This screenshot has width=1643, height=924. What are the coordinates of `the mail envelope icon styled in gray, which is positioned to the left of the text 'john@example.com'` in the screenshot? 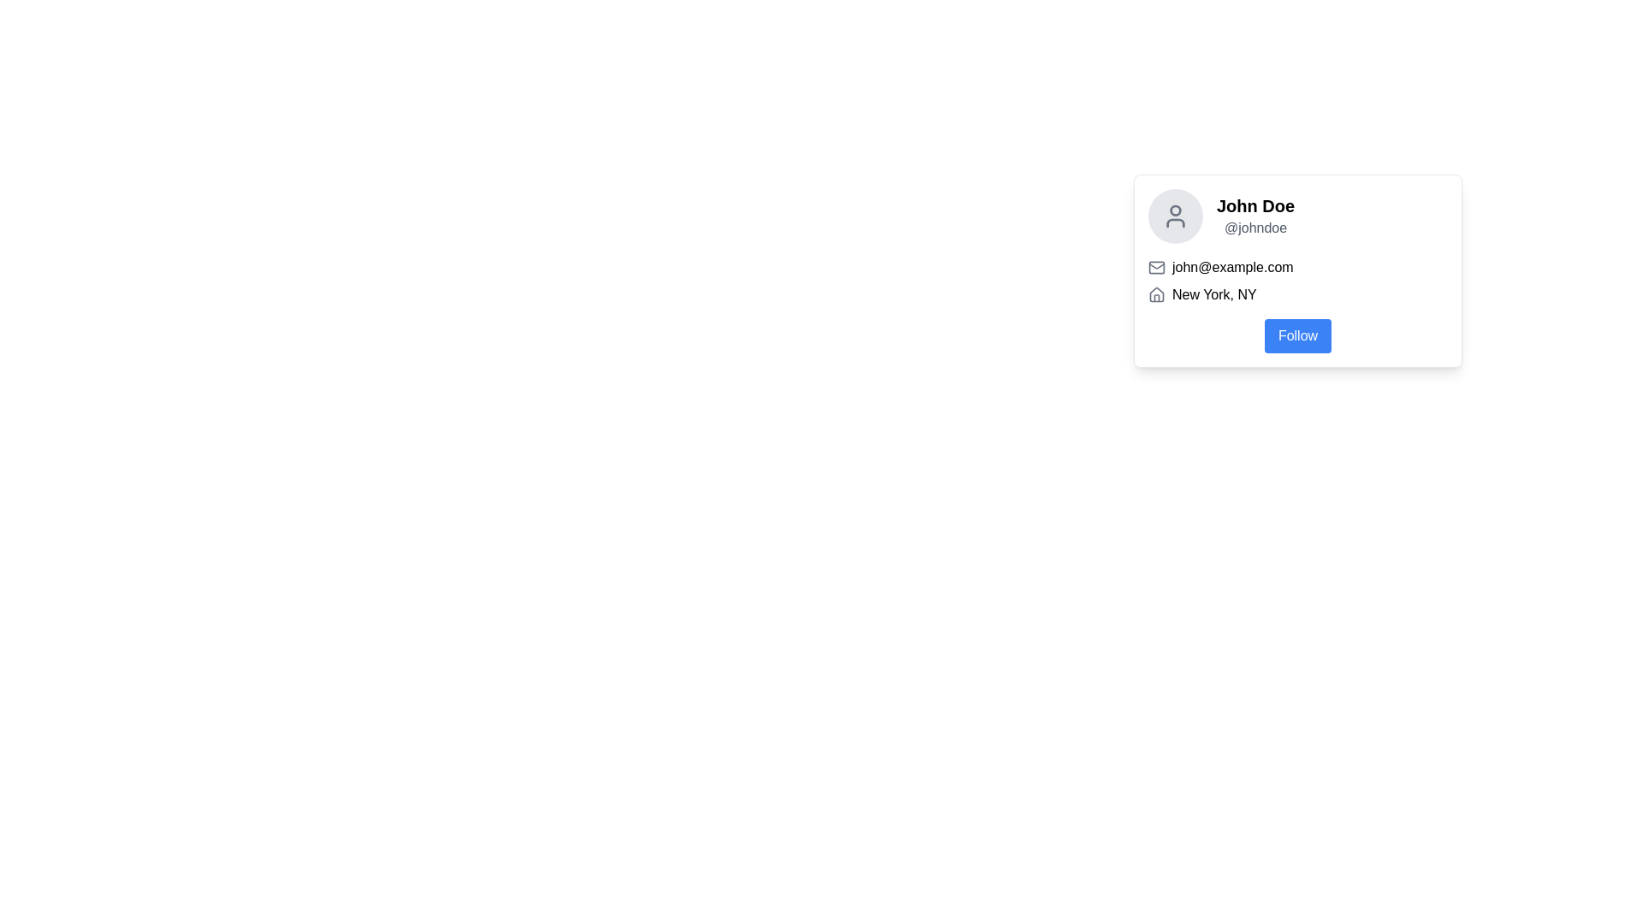 It's located at (1157, 267).